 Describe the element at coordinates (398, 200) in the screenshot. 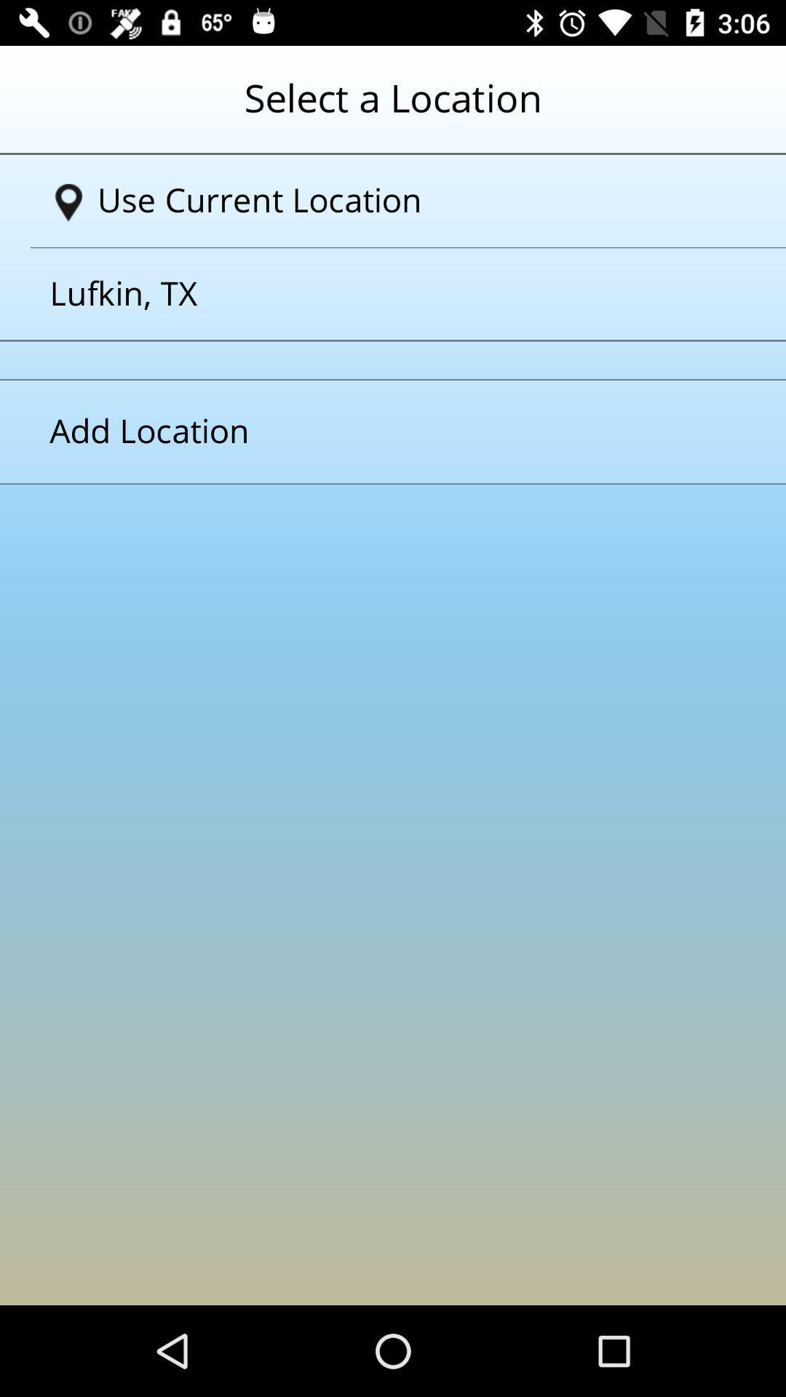

I see `use current location` at that location.